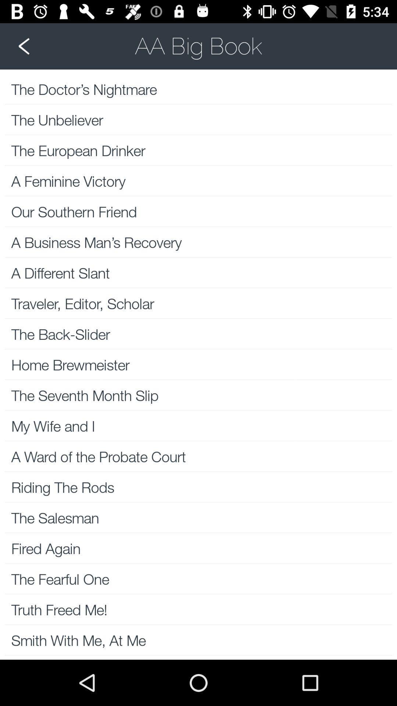 This screenshot has width=397, height=706. What do you see at coordinates (198, 46) in the screenshot?
I see `go back` at bounding box center [198, 46].